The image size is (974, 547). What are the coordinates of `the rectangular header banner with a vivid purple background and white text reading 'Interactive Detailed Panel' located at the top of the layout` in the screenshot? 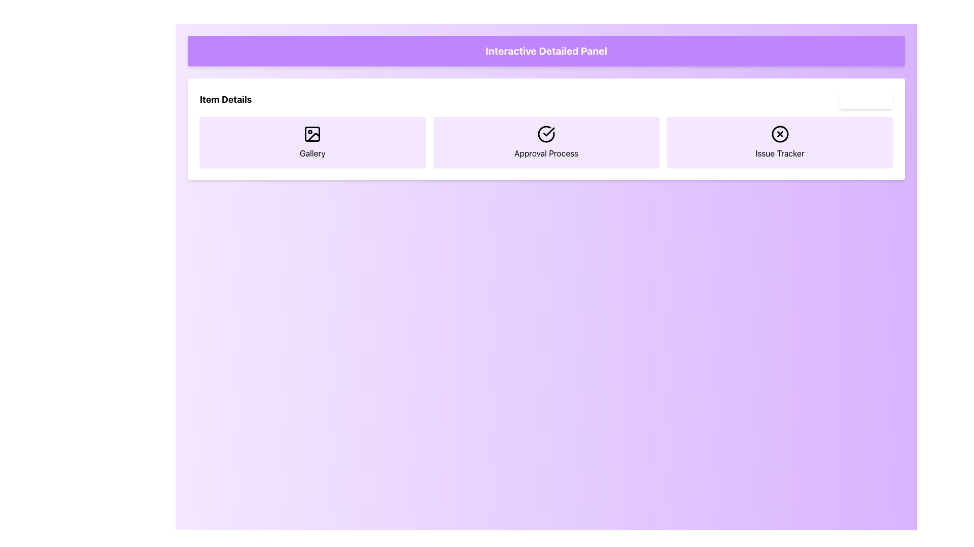 It's located at (545, 51).